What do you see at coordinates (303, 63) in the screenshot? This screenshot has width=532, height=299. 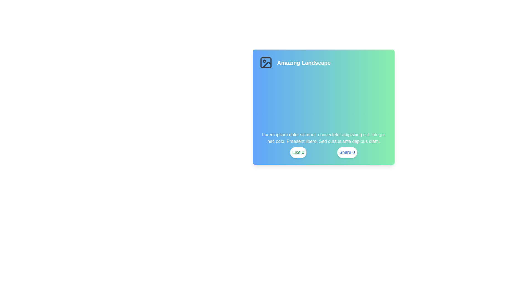 I see `the Text Label displaying 'Amazing Landscape' which is styled in bold white font and positioned prominently near the top center-left of a card-like component` at bounding box center [303, 63].